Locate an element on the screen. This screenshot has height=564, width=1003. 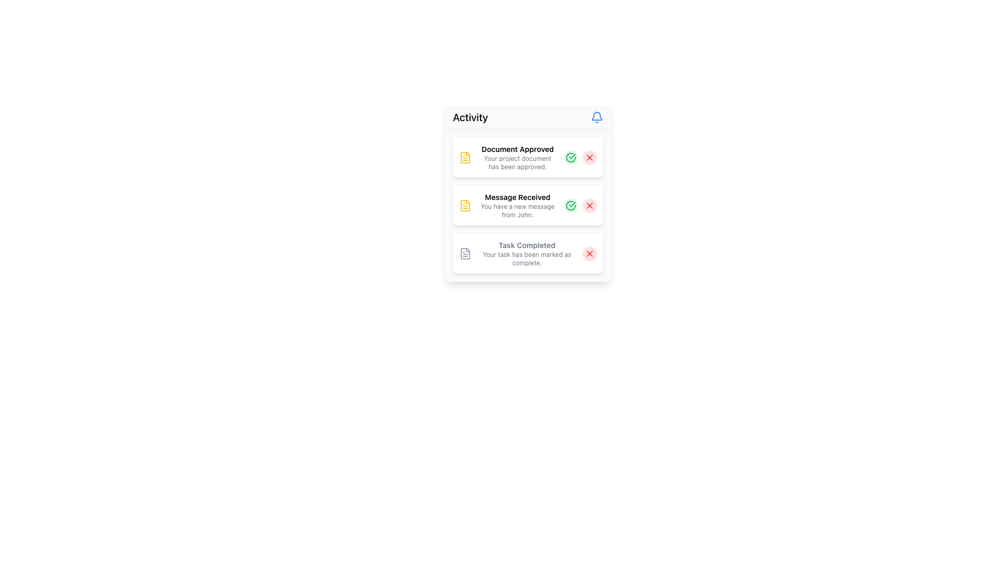
the green checkmark icon with a surrounding green ring in the second notification row of the activity feed is located at coordinates (570, 205).